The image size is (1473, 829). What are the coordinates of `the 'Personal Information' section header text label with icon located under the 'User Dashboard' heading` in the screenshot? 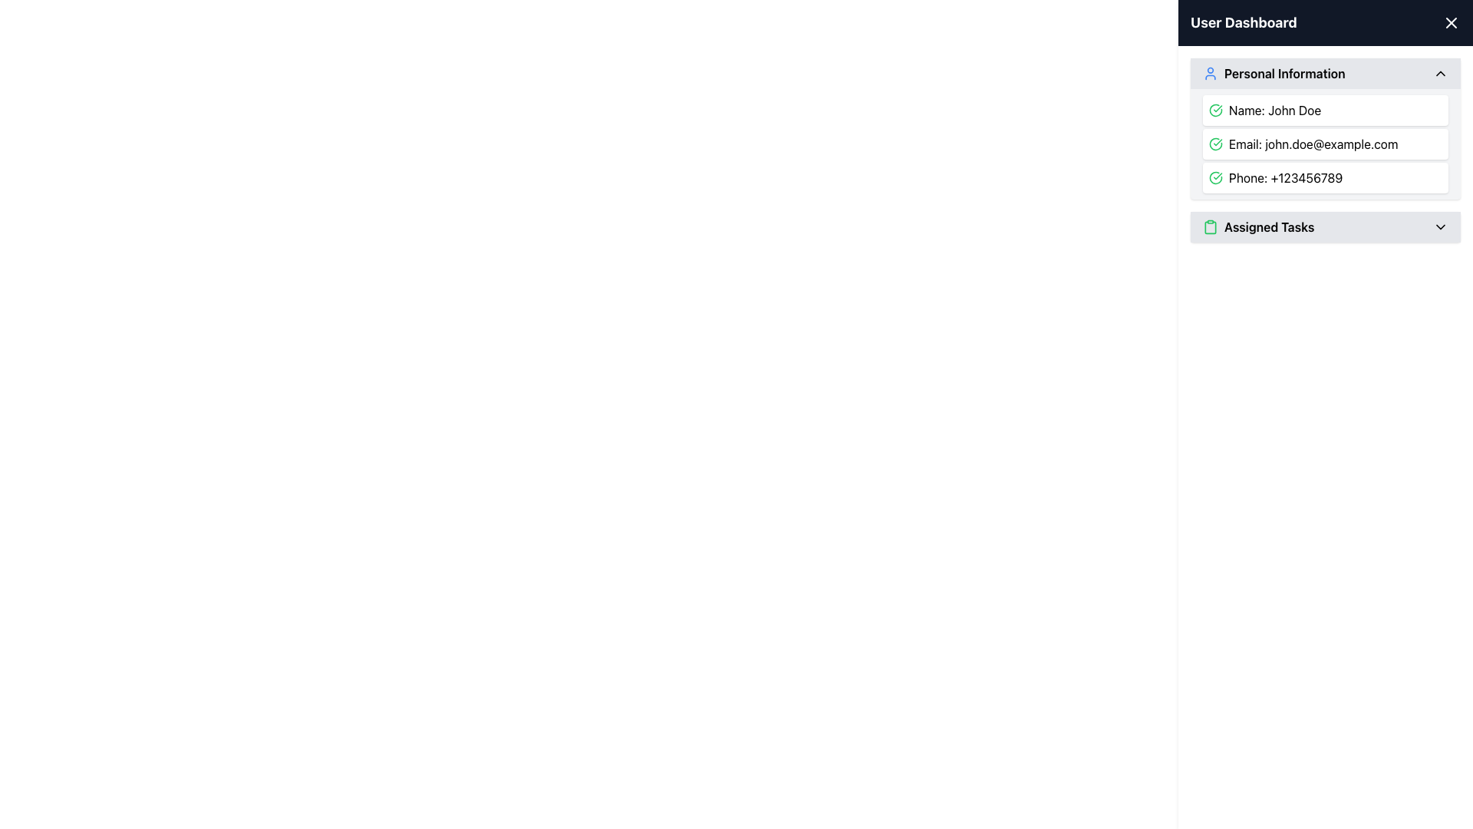 It's located at (1274, 74).